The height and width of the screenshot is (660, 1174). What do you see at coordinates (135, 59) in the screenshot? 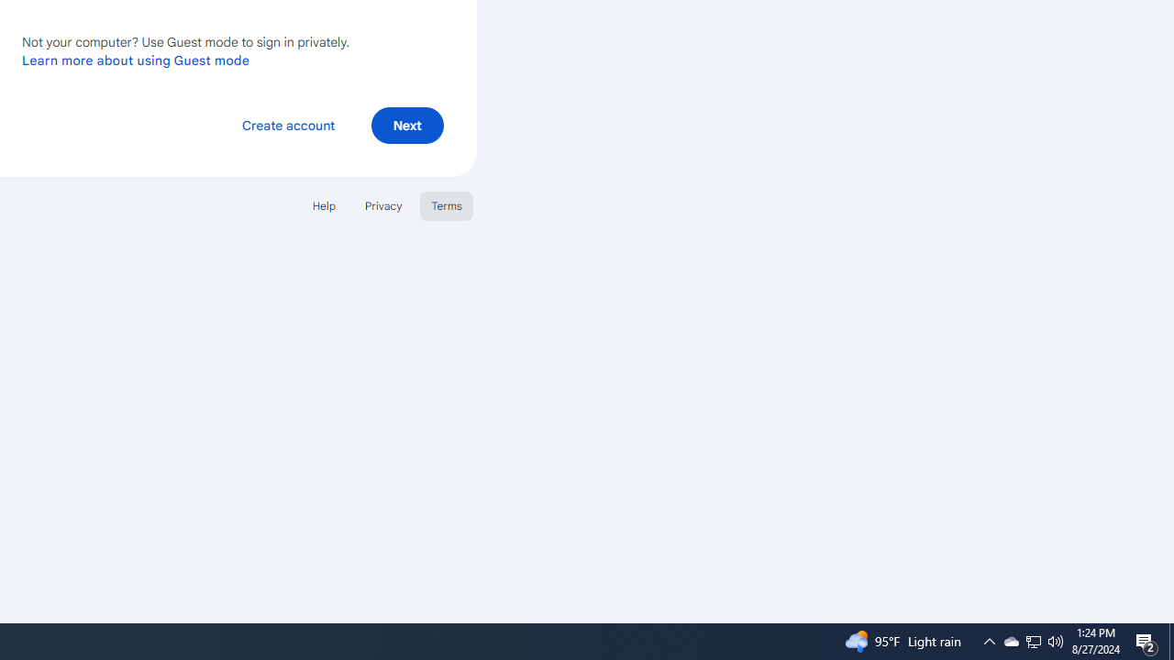
I see `'Learn more about using Guest mode'` at bounding box center [135, 59].